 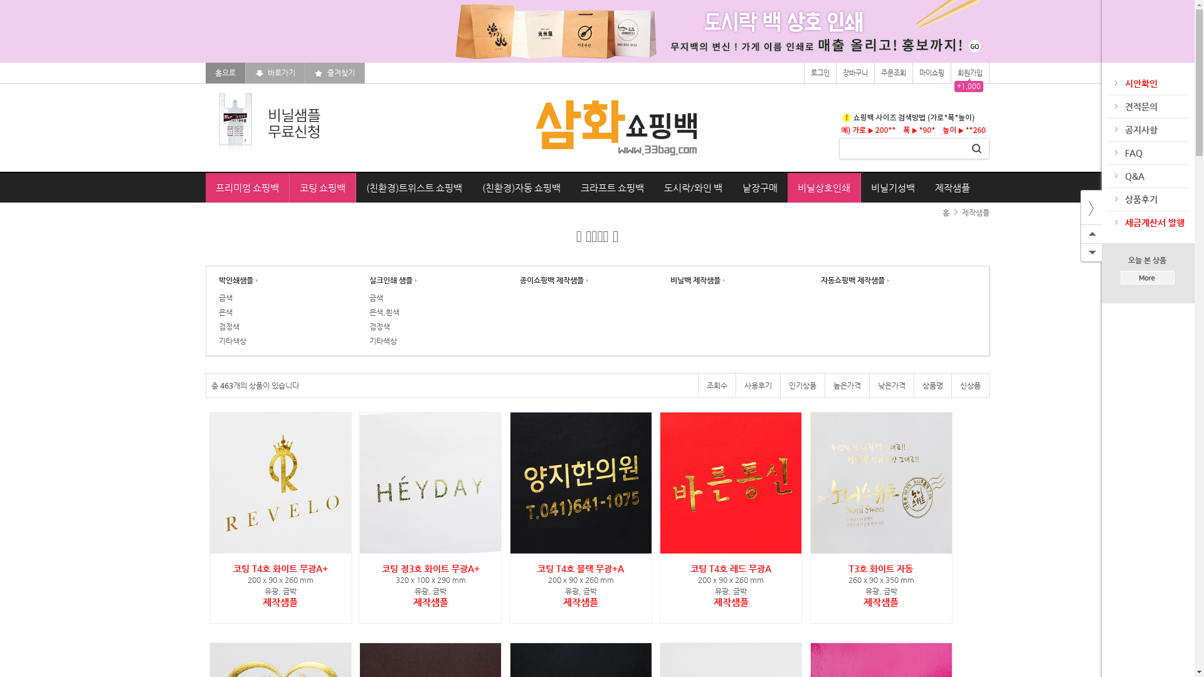 What do you see at coordinates (1090, 207) in the screenshot?
I see `'close'` at bounding box center [1090, 207].